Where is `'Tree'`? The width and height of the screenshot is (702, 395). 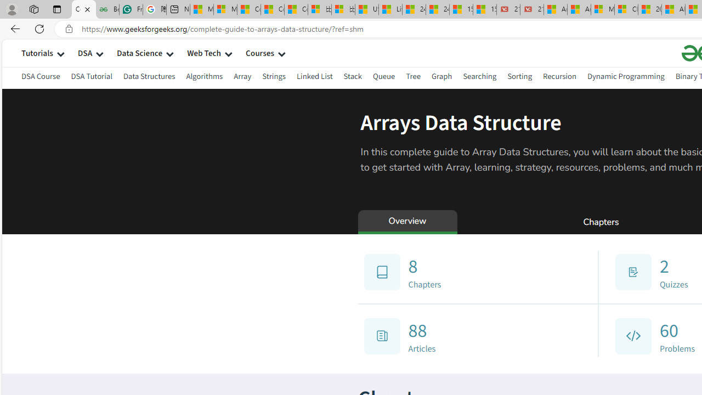
'Tree' is located at coordinates (412, 76).